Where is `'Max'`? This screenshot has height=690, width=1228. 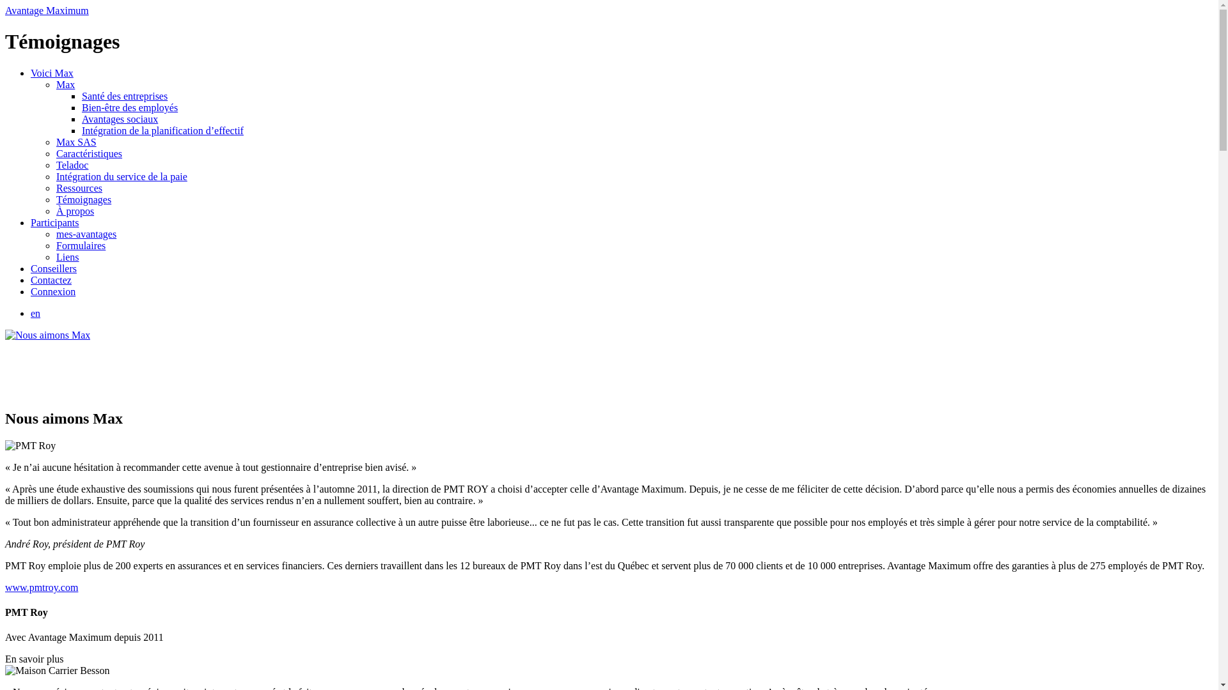
'Max' is located at coordinates (65, 84).